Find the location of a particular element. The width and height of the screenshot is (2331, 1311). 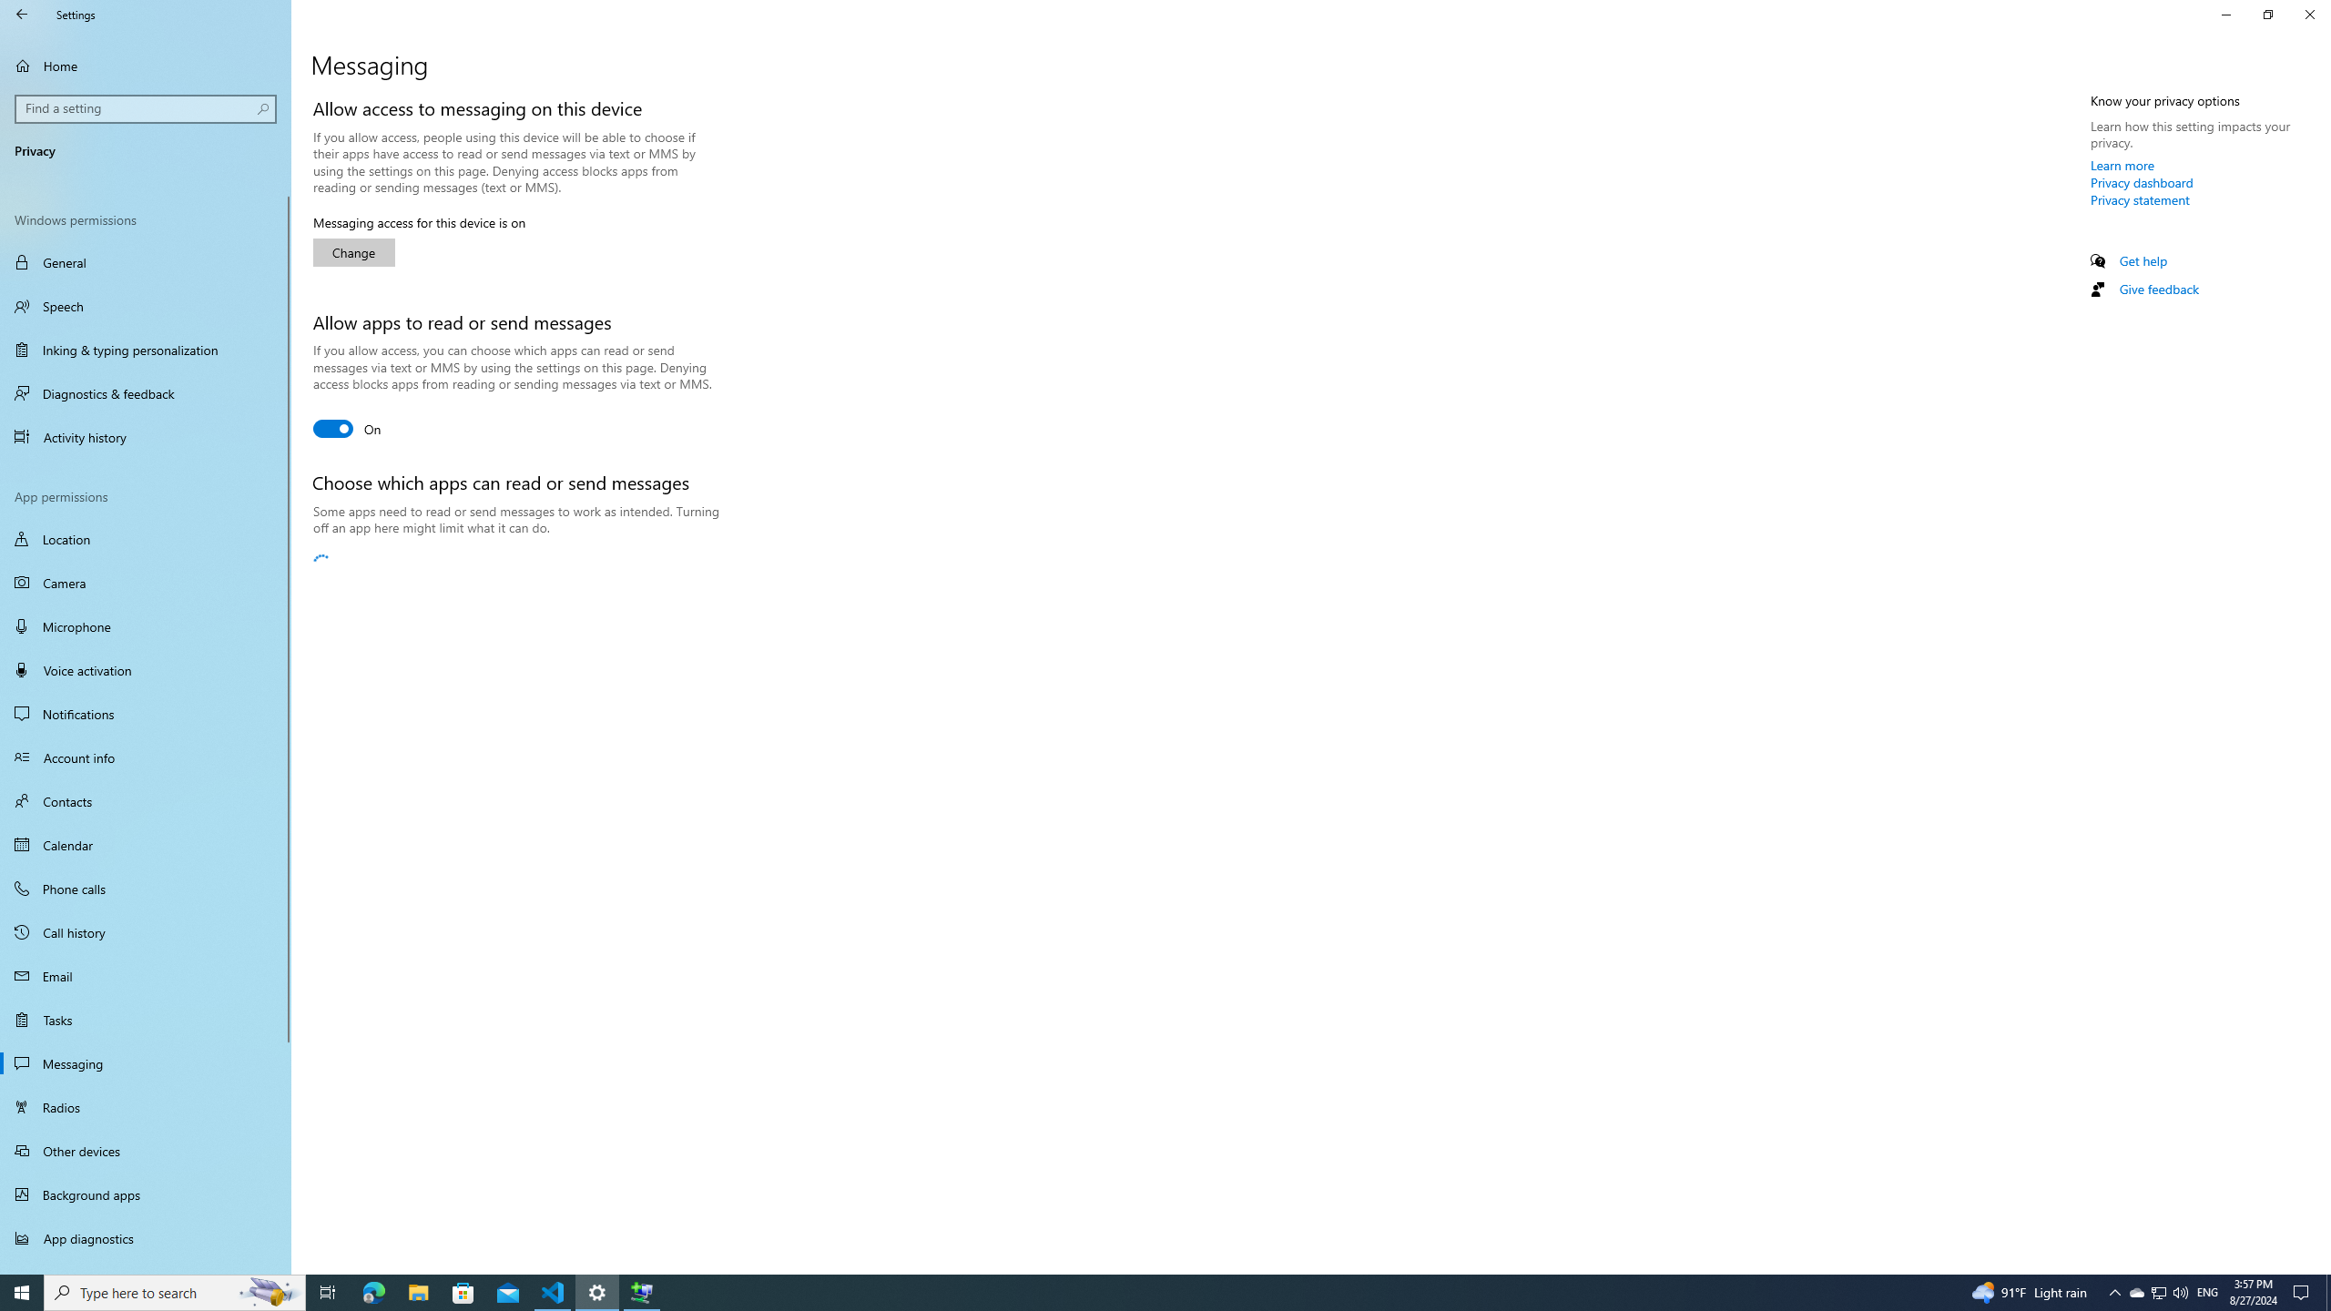

'Other devices' is located at coordinates (145, 1150).